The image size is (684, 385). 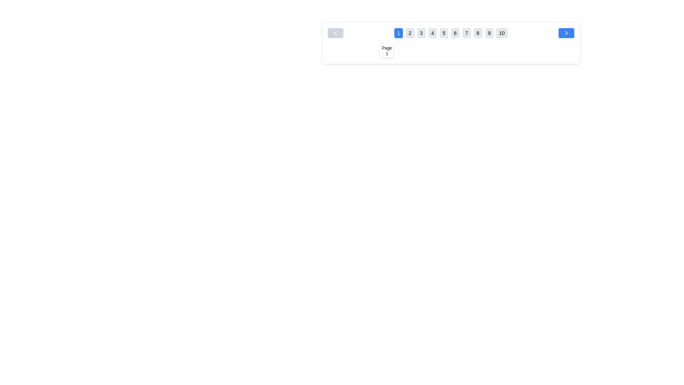 What do you see at coordinates (502, 33) in the screenshot?
I see `the last page button in the pagination controls` at bounding box center [502, 33].